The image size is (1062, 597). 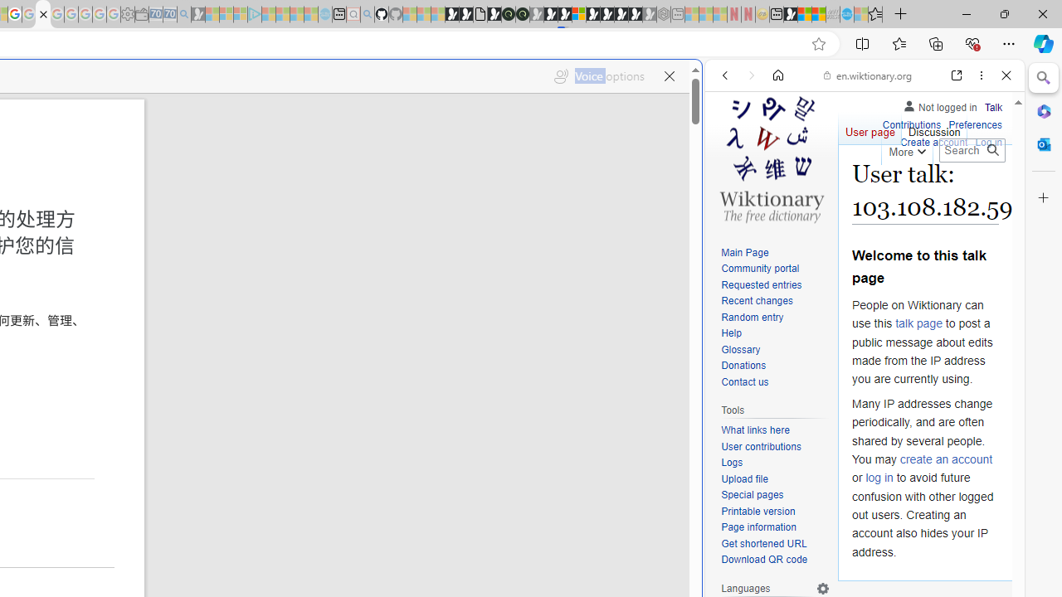 I want to click on 'log in', so click(x=878, y=478).